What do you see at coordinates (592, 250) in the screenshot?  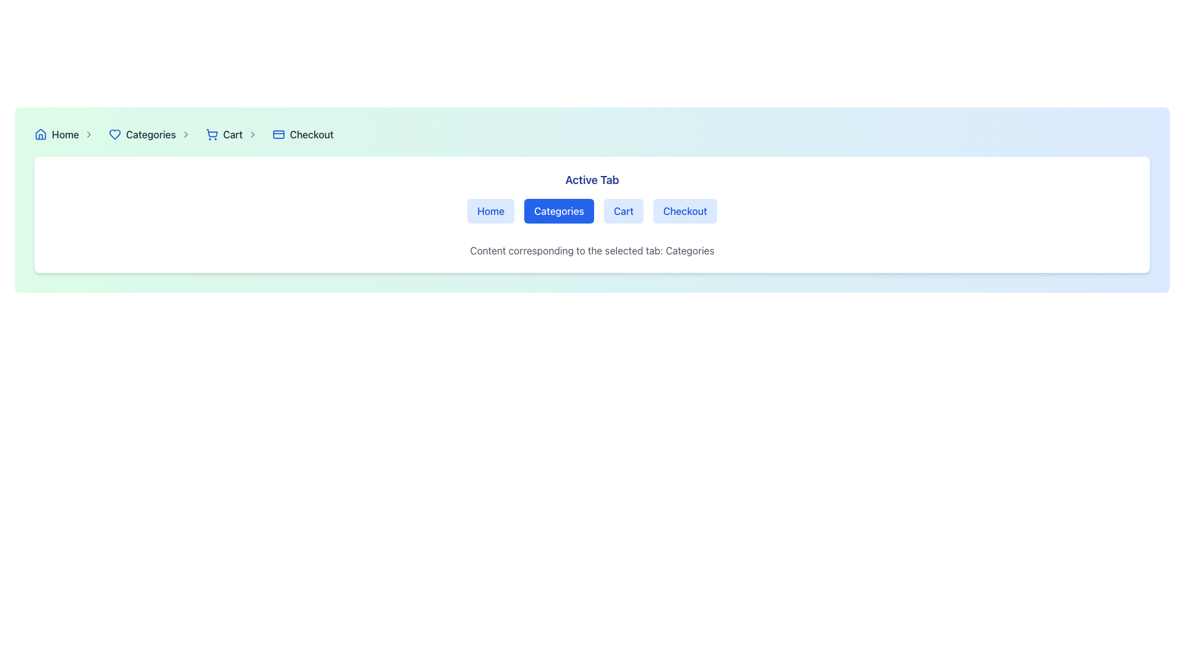 I see `text paragraph displaying the message 'Content corresponding to the selected tab: Categories' located below the 'Categories' tab button` at bounding box center [592, 250].